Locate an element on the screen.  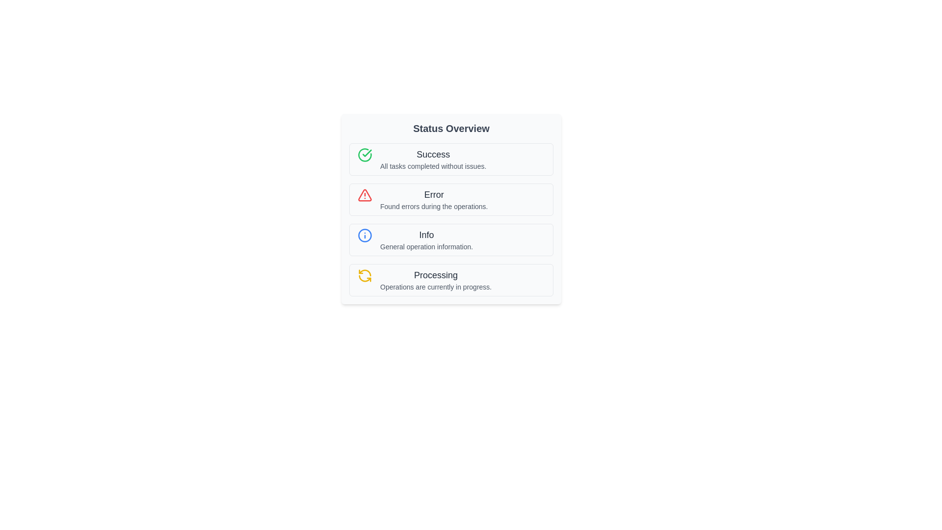
the circular icon with a yellow outline and refresh symbol located in the 'Processing' section of the 'Status Overview' interface, positioned to the left of the text 'Processing' and 'Operations are currently in progress.' is located at coordinates (365, 276).